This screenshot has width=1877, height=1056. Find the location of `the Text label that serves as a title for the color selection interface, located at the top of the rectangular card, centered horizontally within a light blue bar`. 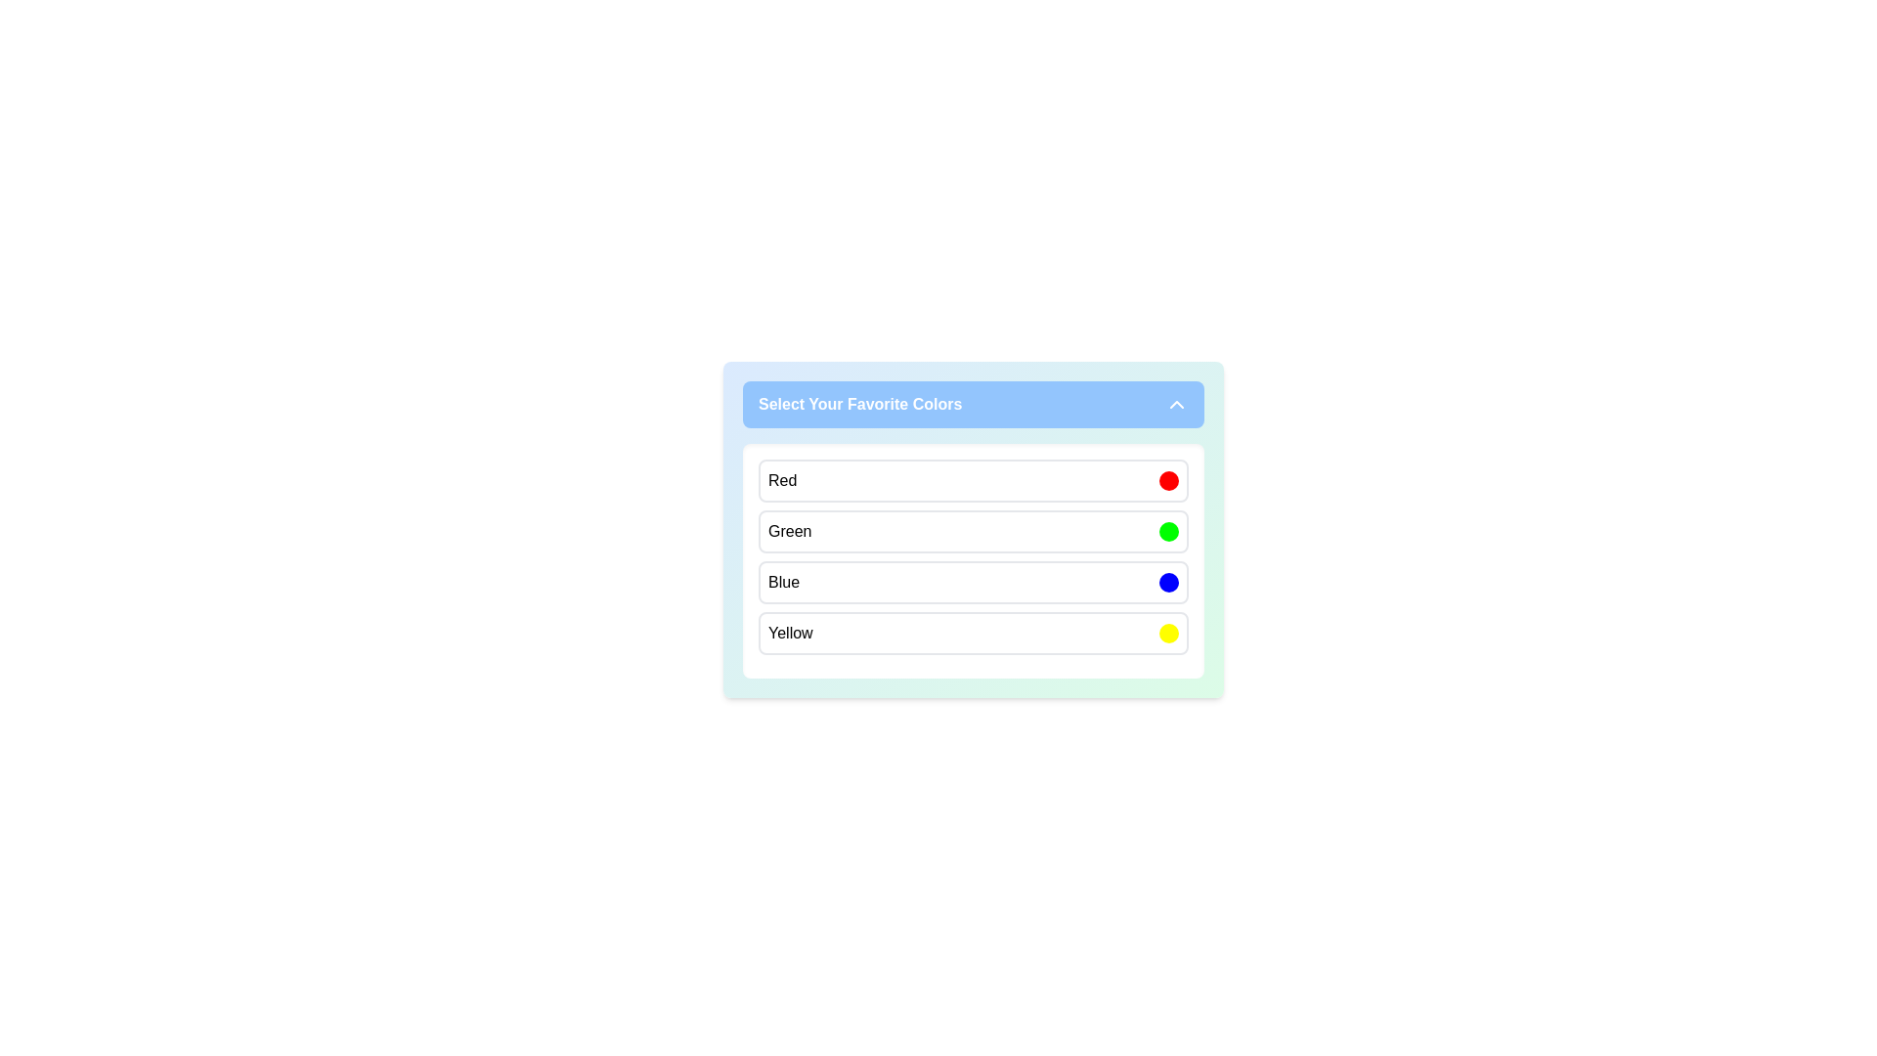

the Text label that serves as a title for the color selection interface, located at the top of the rectangular card, centered horizontally within a light blue bar is located at coordinates (860, 403).